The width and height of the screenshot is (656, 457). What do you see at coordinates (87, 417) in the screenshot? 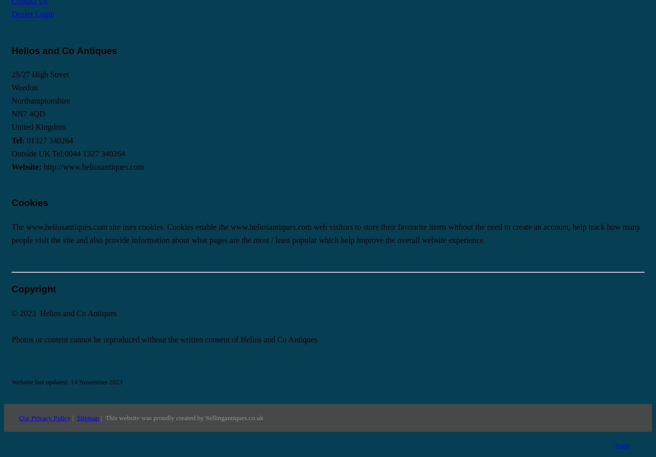
I see `'Sitemap'` at bounding box center [87, 417].